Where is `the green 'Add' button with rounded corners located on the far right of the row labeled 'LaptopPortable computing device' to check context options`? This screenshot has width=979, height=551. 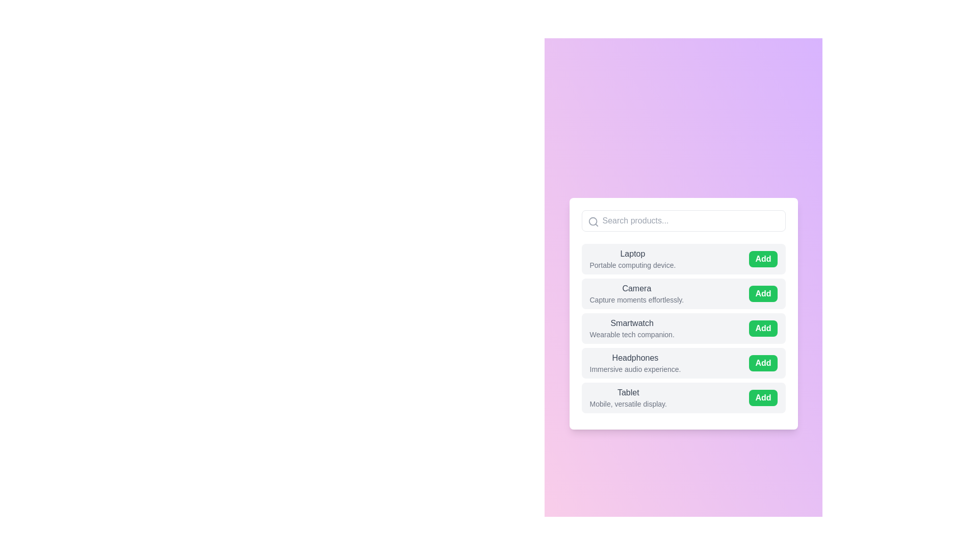 the green 'Add' button with rounded corners located on the far right of the row labeled 'LaptopPortable computing device' to check context options is located at coordinates (763, 259).